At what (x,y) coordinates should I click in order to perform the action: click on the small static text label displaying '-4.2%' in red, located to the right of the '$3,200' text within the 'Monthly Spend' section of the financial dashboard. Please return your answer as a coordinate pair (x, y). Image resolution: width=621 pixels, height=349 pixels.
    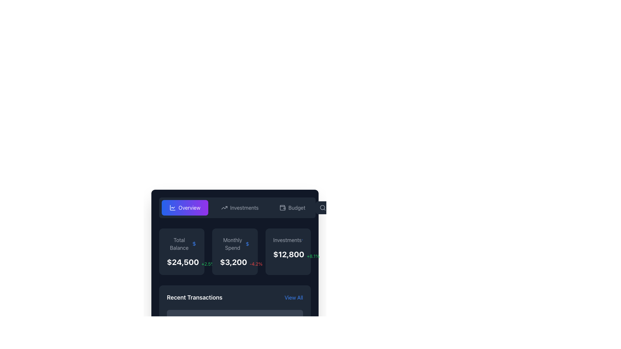
    Looking at the image, I should click on (256, 264).